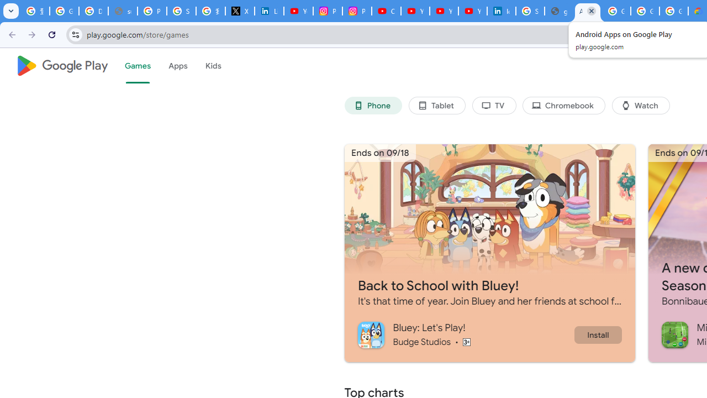  Describe the element at coordinates (444, 11) in the screenshot. I see `'YouTube Culture & Trends - YouTube Top 10, 2021'` at that location.